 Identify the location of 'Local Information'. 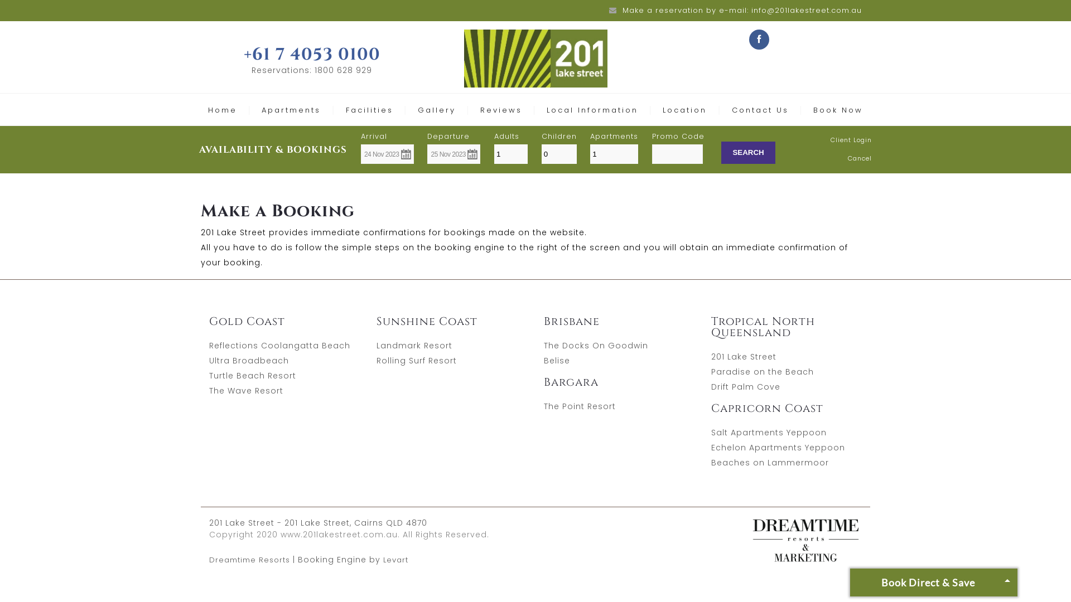
(591, 110).